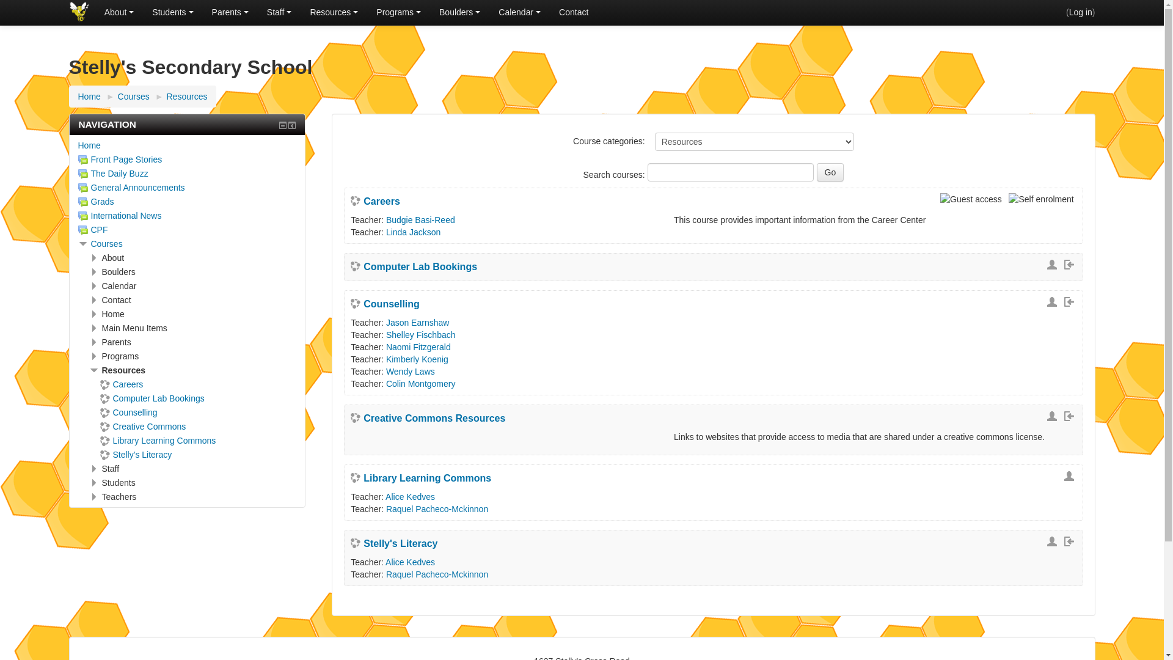  Describe the element at coordinates (120, 215) in the screenshot. I see `'International News'` at that location.